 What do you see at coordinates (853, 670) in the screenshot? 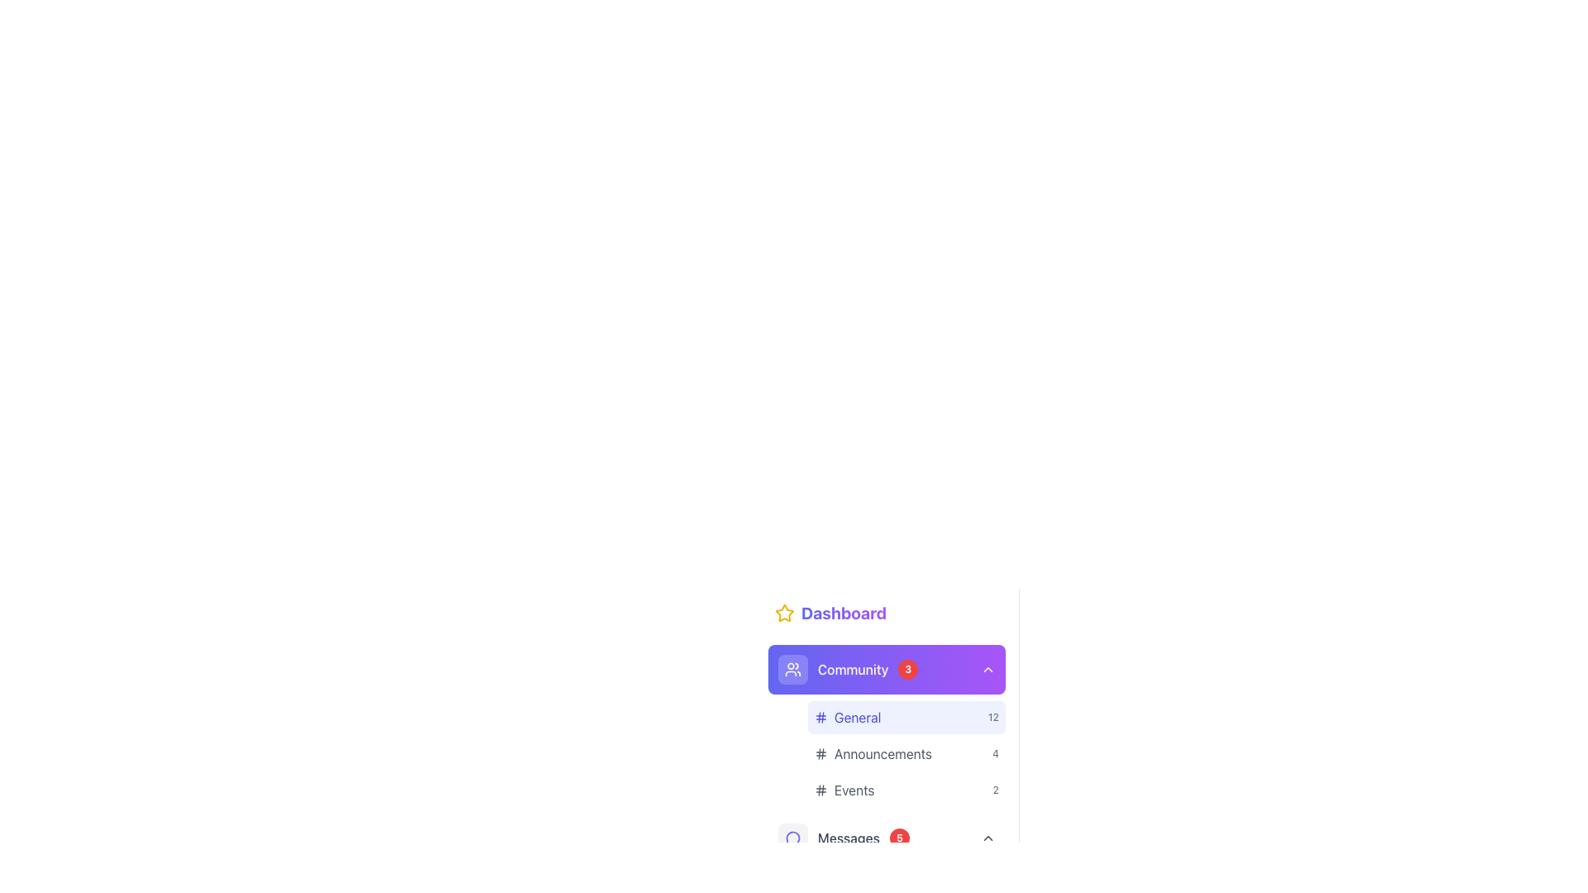
I see `the 'Community' text label in the navigation menu` at bounding box center [853, 670].